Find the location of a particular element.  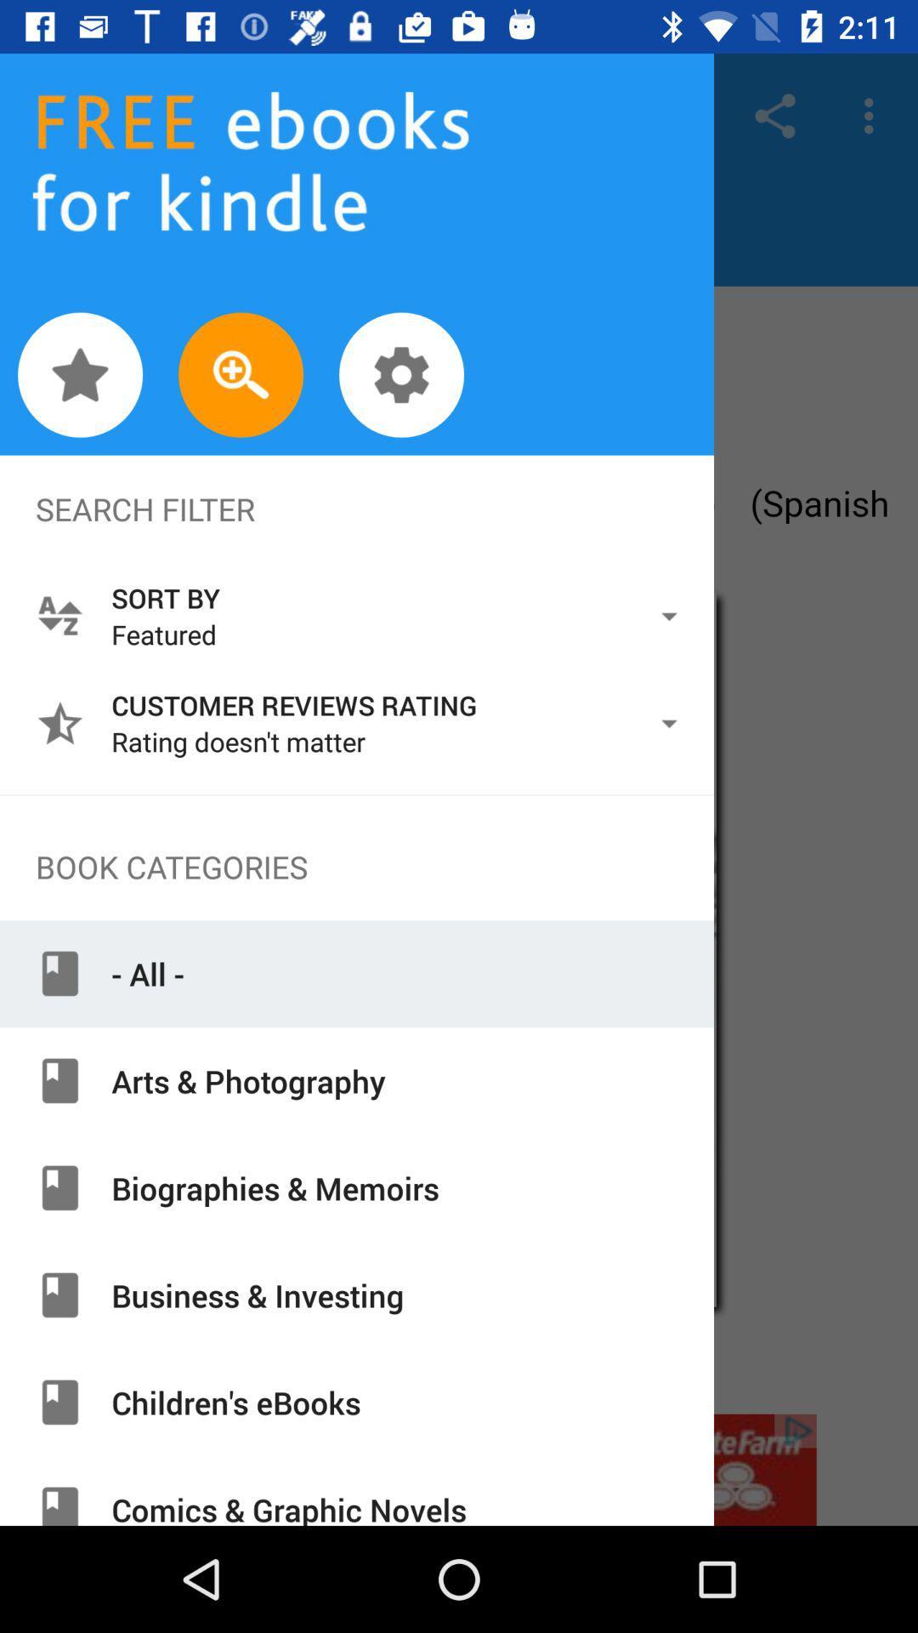

main navigation menu is located at coordinates (459, 850).